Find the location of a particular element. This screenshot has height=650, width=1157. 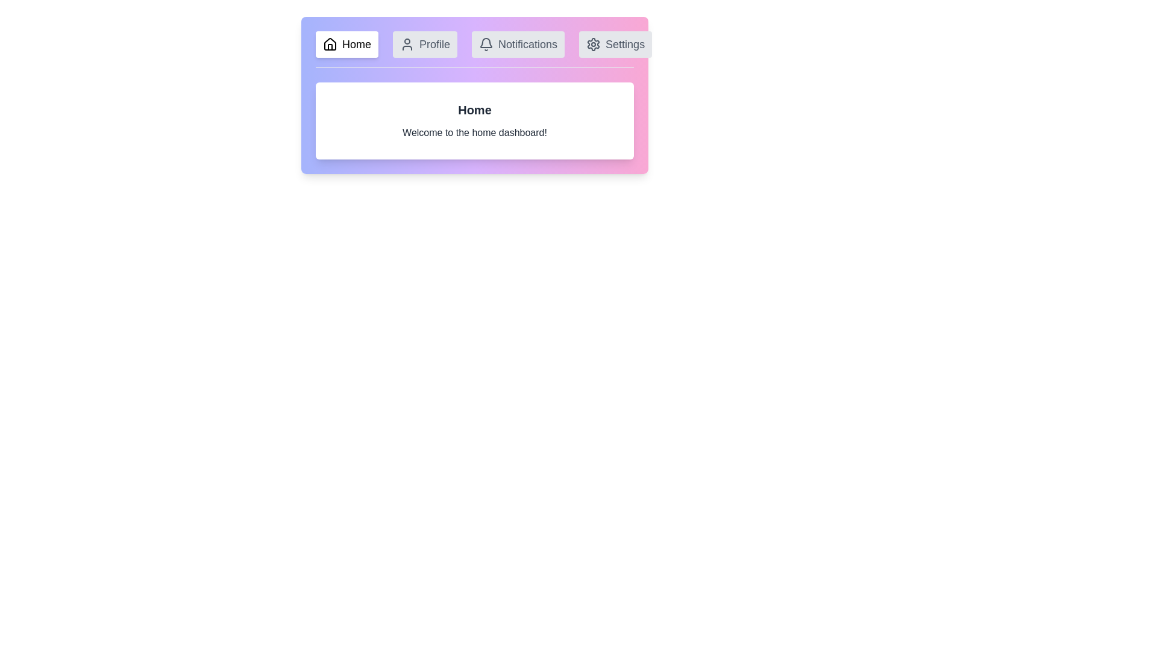

the tab labeled Home to select it is located at coordinates (346, 43).